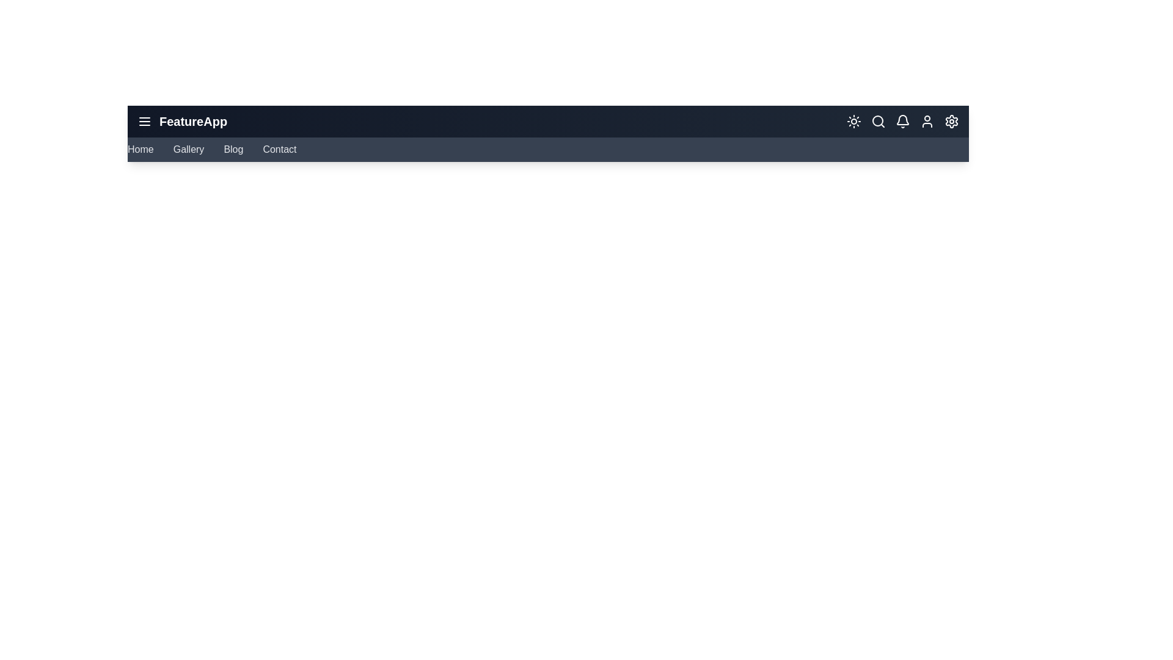 This screenshot has width=1173, height=660. Describe the element at coordinates (233, 149) in the screenshot. I see `the navigation menu item Blog` at that location.